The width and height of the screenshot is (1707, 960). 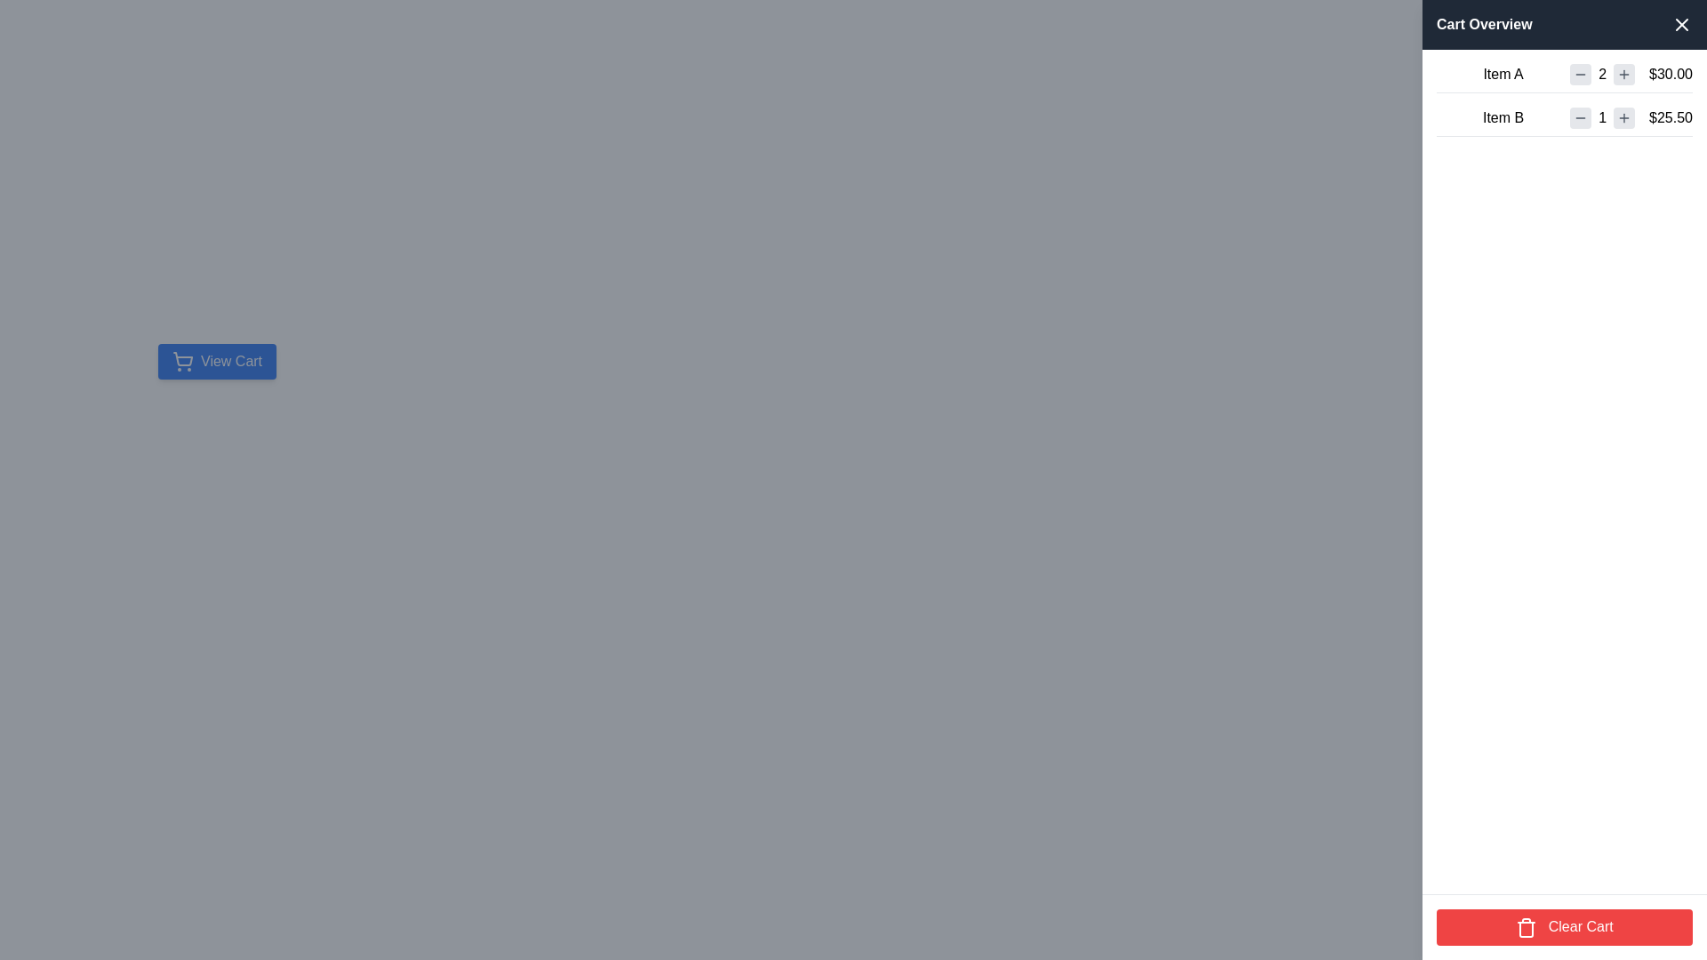 What do you see at coordinates (1581, 74) in the screenshot?
I see `the minus button in the Cart Overview section to decrement the quantity of Item A` at bounding box center [1581, 74].